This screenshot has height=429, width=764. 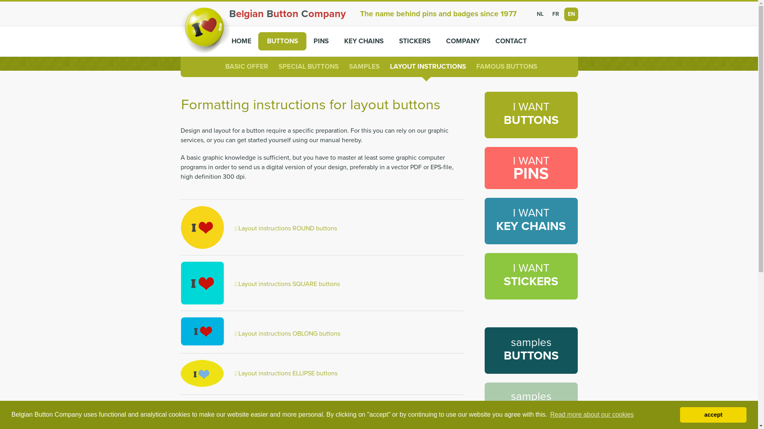 What do you see at coordinates (462, 41) in the screenshot?
I see `'COMPANY'` at bounding box center [462, 41].